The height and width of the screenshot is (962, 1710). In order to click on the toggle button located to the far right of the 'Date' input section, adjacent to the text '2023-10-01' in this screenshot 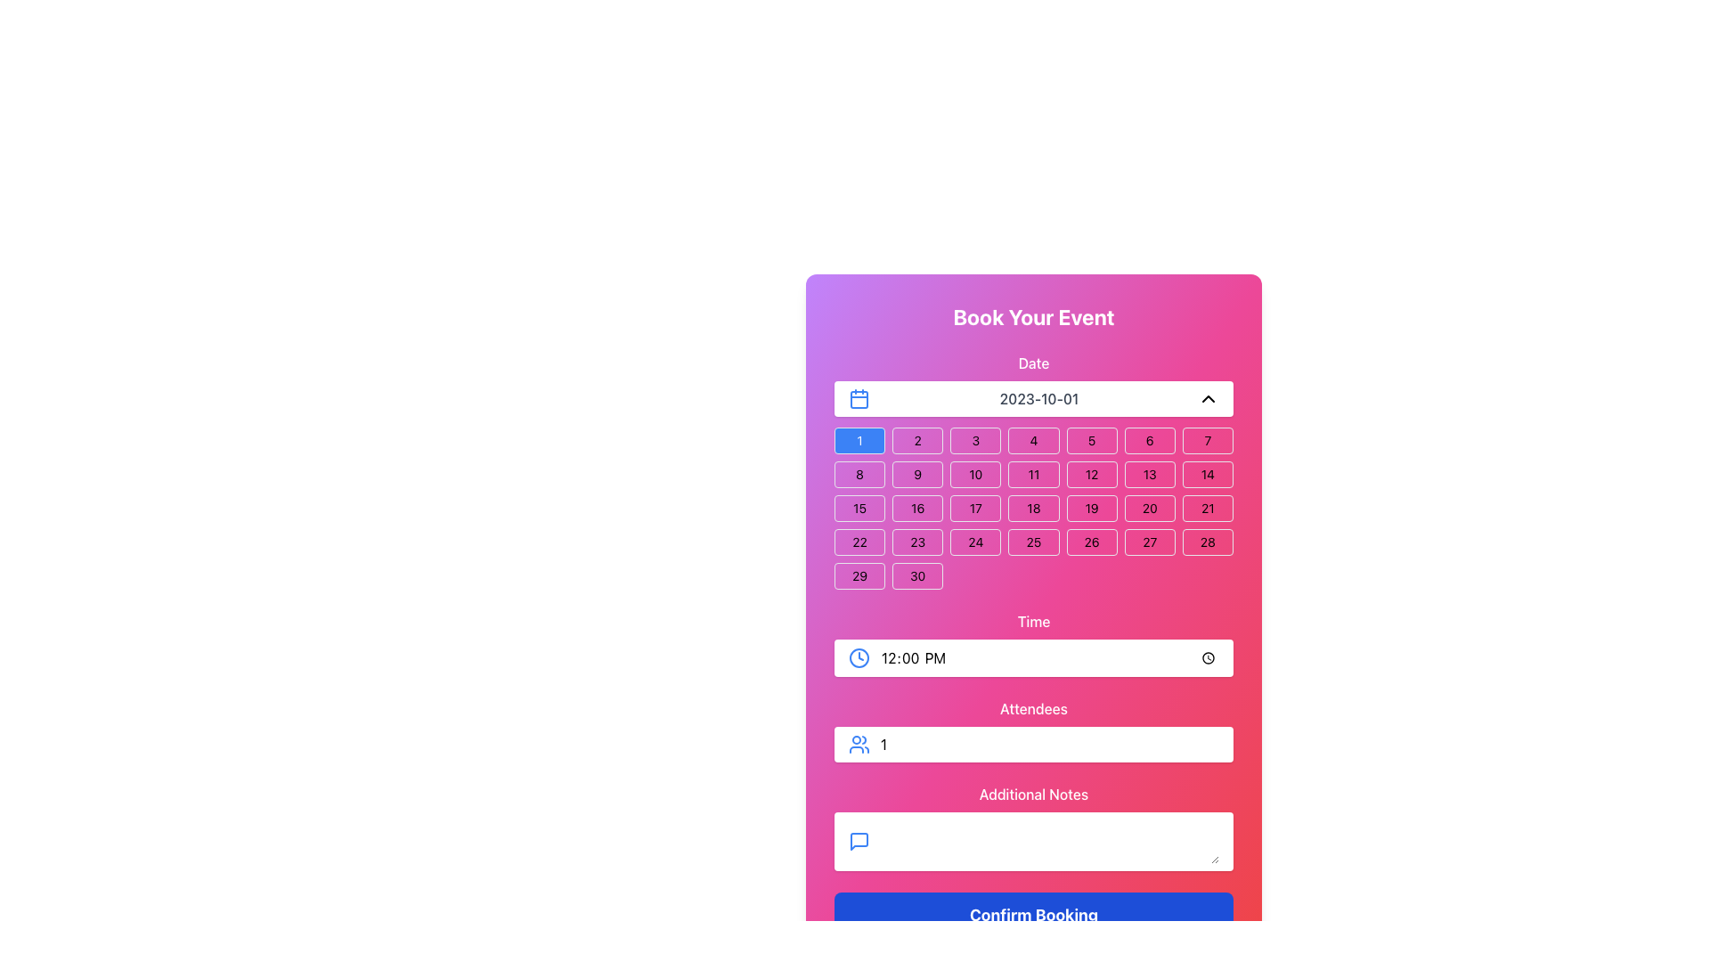, I will do `click(1209, 397)`.